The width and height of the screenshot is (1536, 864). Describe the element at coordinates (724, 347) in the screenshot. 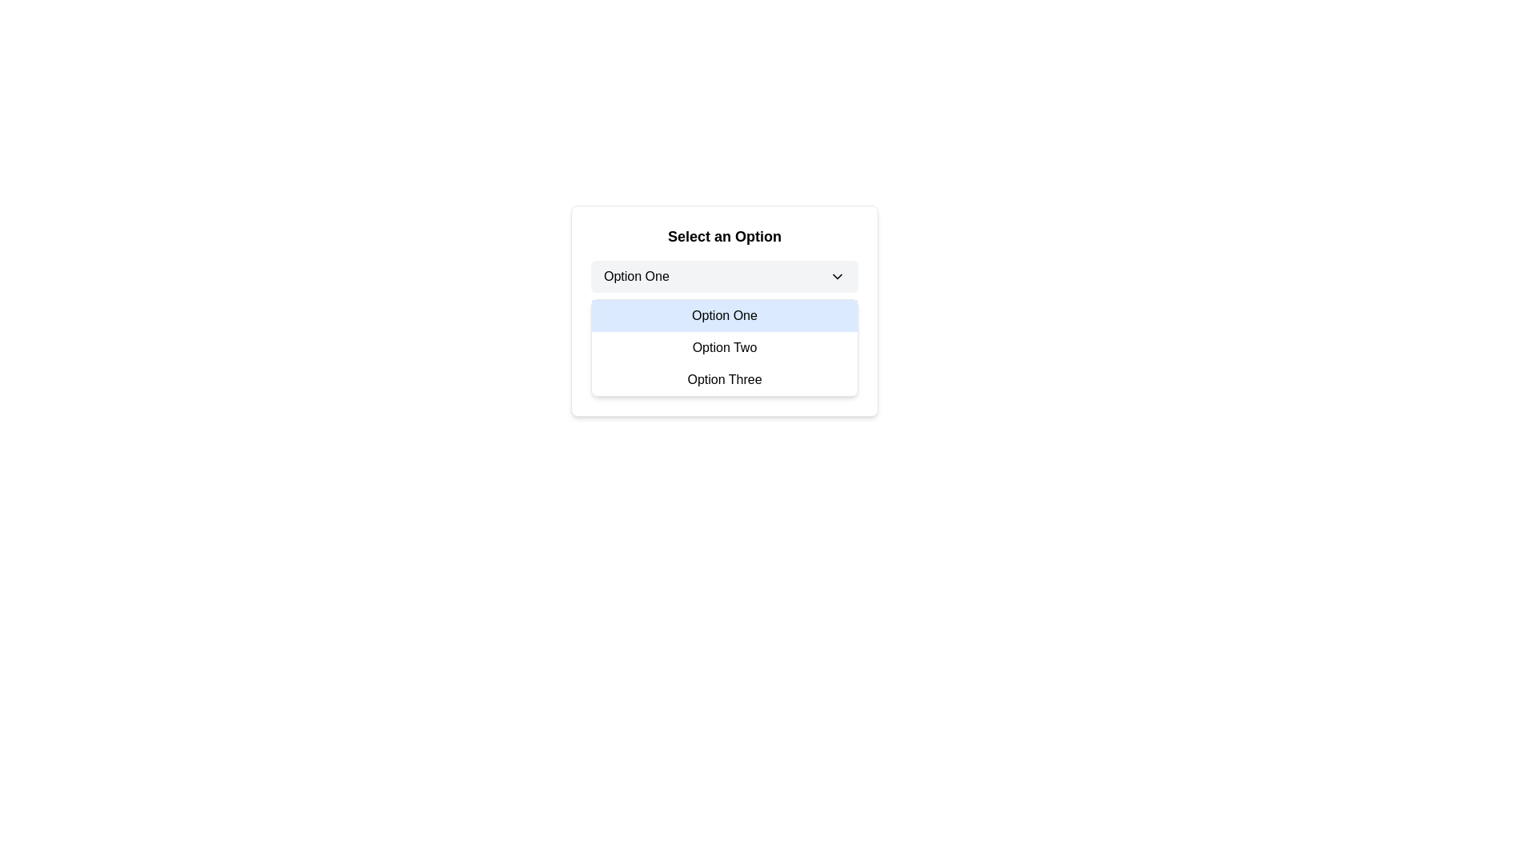

I see `the list item labeled 'Option Two'` at that location.